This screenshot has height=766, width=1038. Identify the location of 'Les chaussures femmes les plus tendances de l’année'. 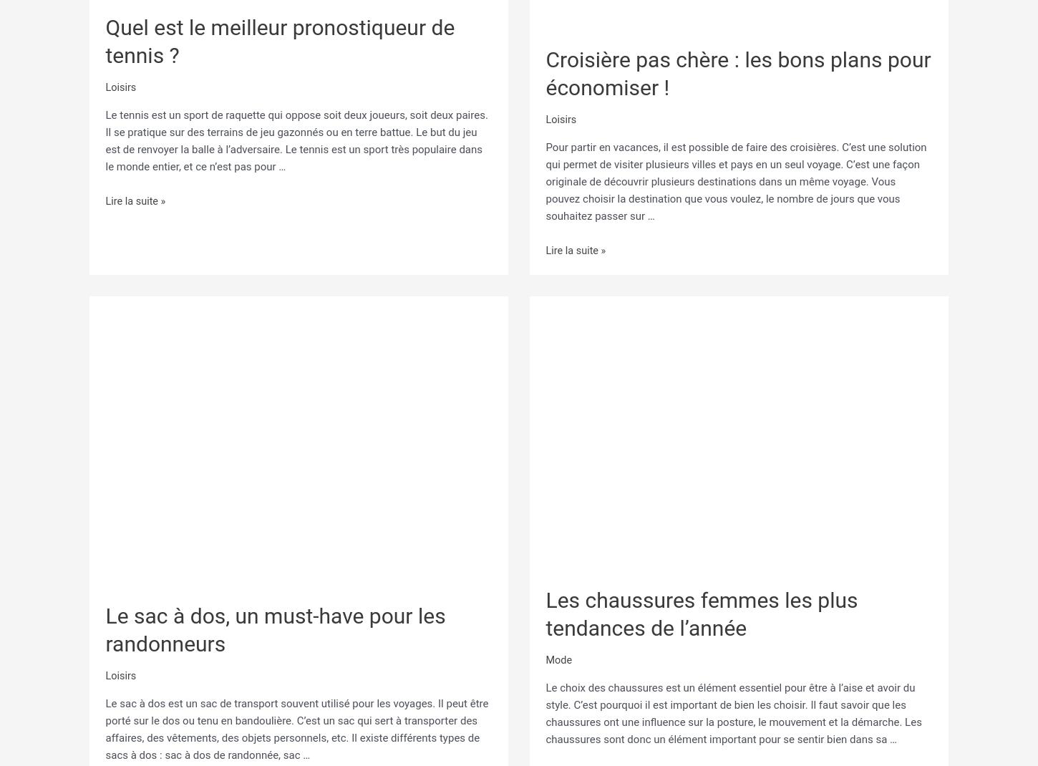
(702, 612).